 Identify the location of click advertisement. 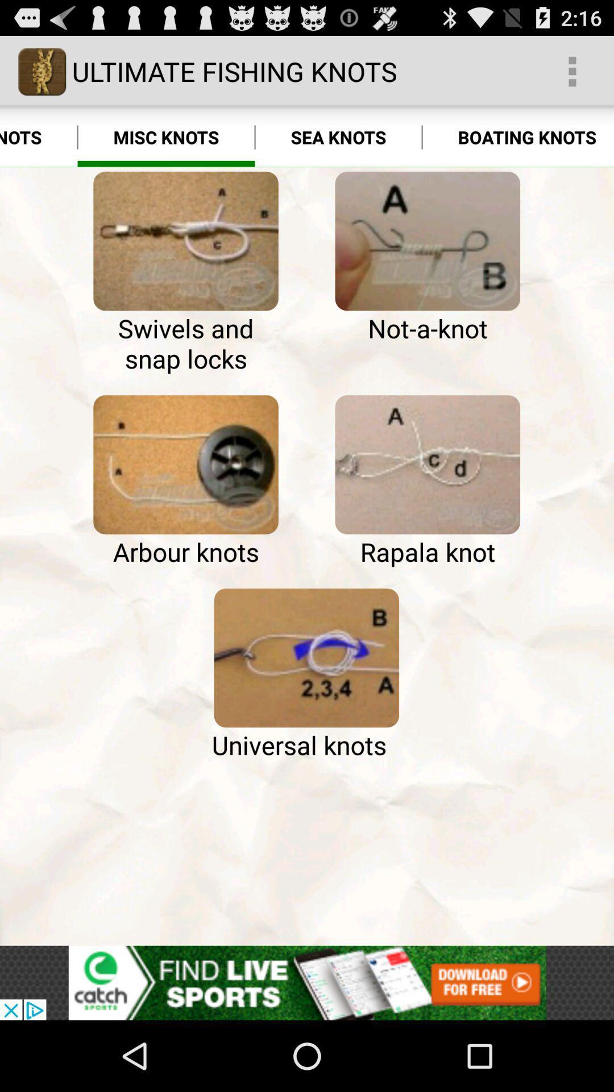
(307, 982).